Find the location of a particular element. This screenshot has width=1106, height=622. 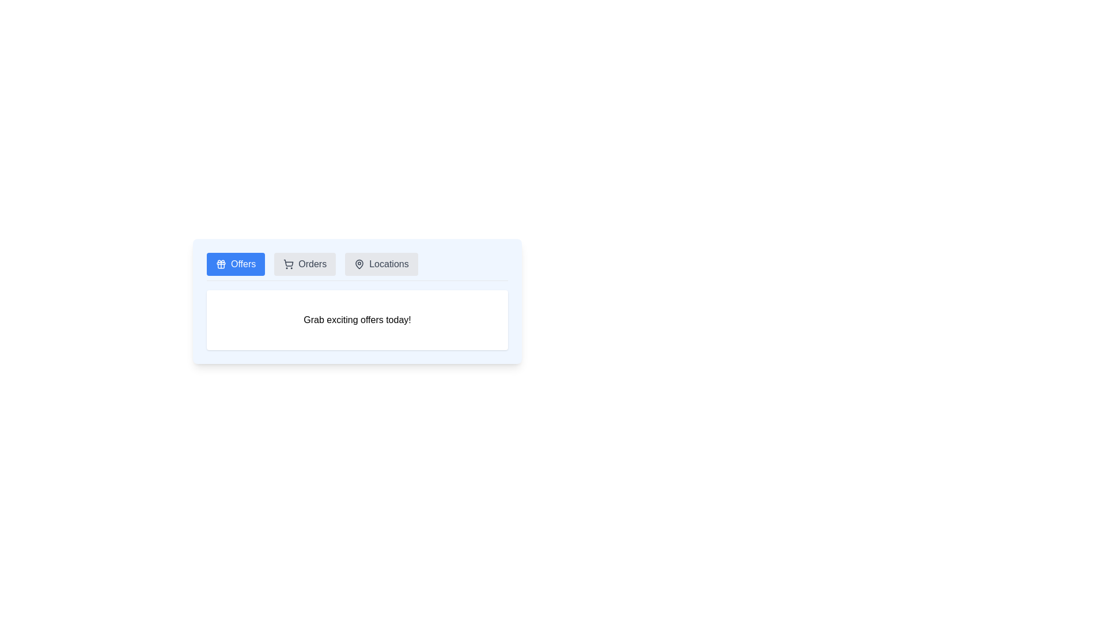

the tab labeled Offers is located at coordinates (235, 264).